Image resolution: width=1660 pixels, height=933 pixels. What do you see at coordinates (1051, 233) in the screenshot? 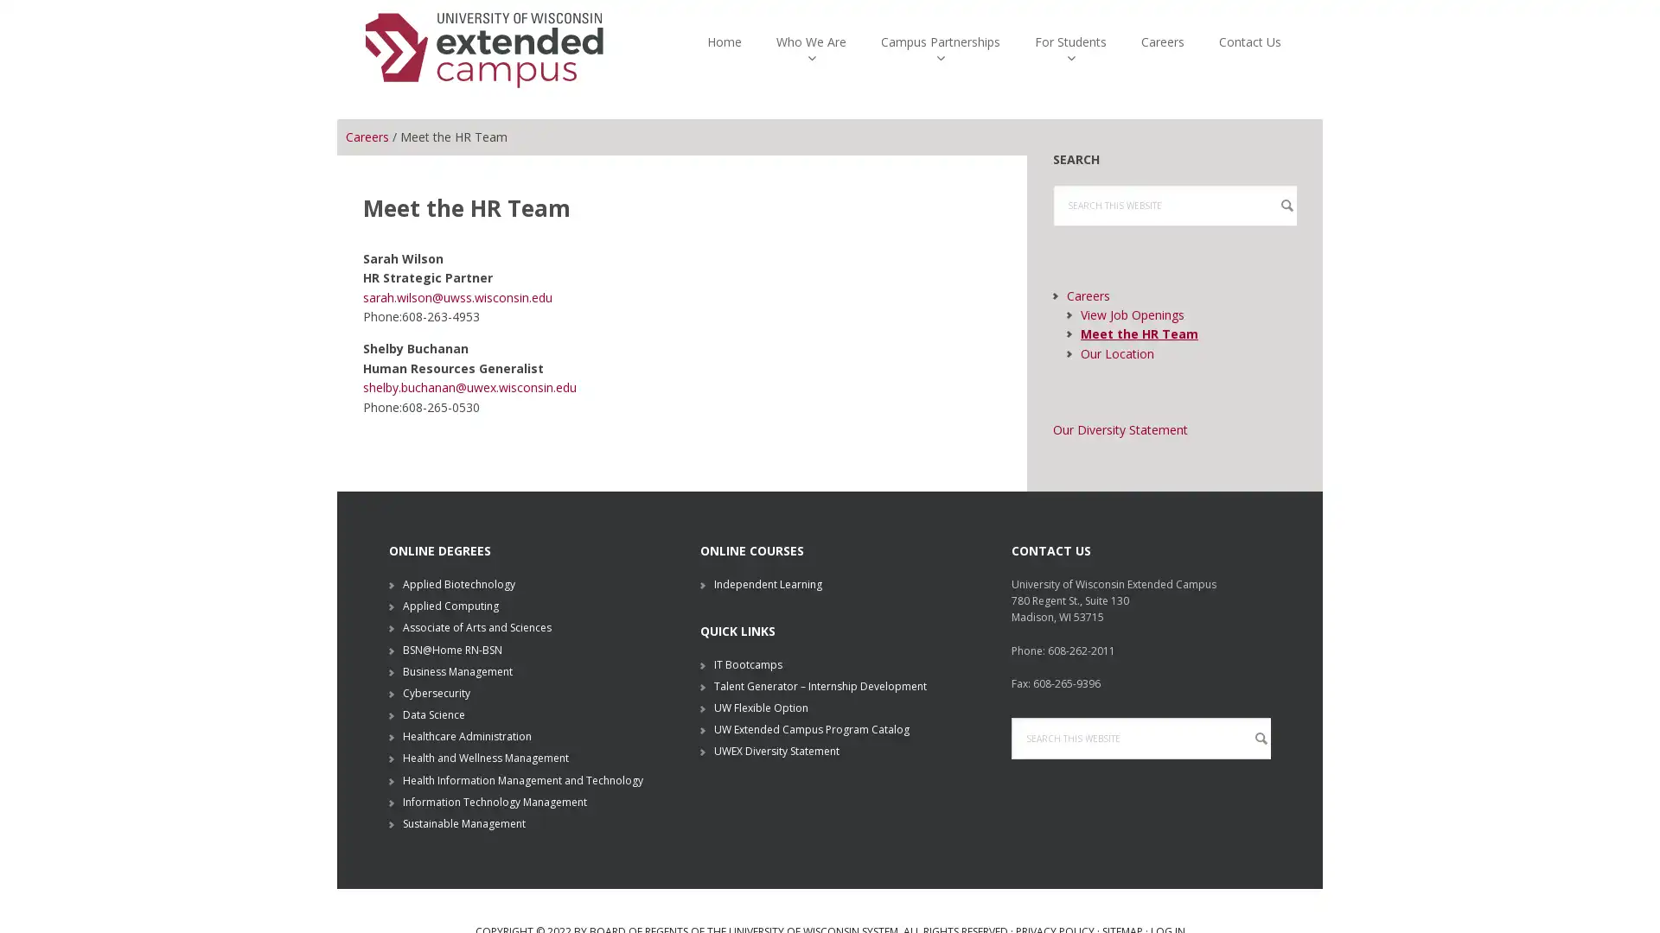
I see `Search` at bounding box center [1051, 233].